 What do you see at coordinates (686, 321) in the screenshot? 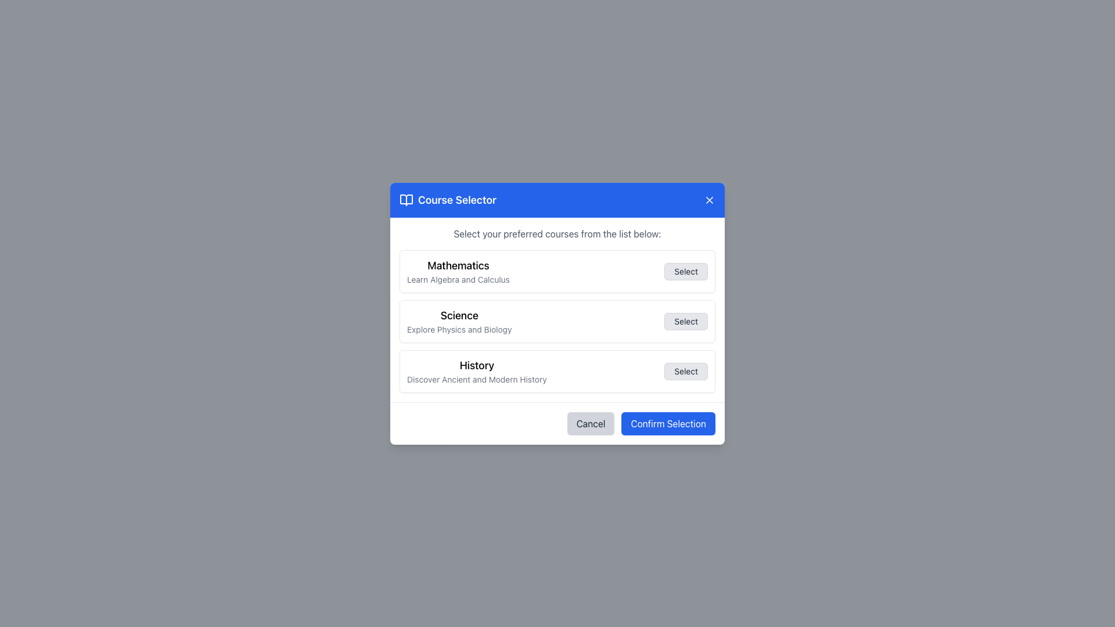
I see `the 'Select' button, which is a rectangular button with rounded corners, light gray background, and dark gray text, located to the right of the 'Science' row` at bounding box center [686, 321].